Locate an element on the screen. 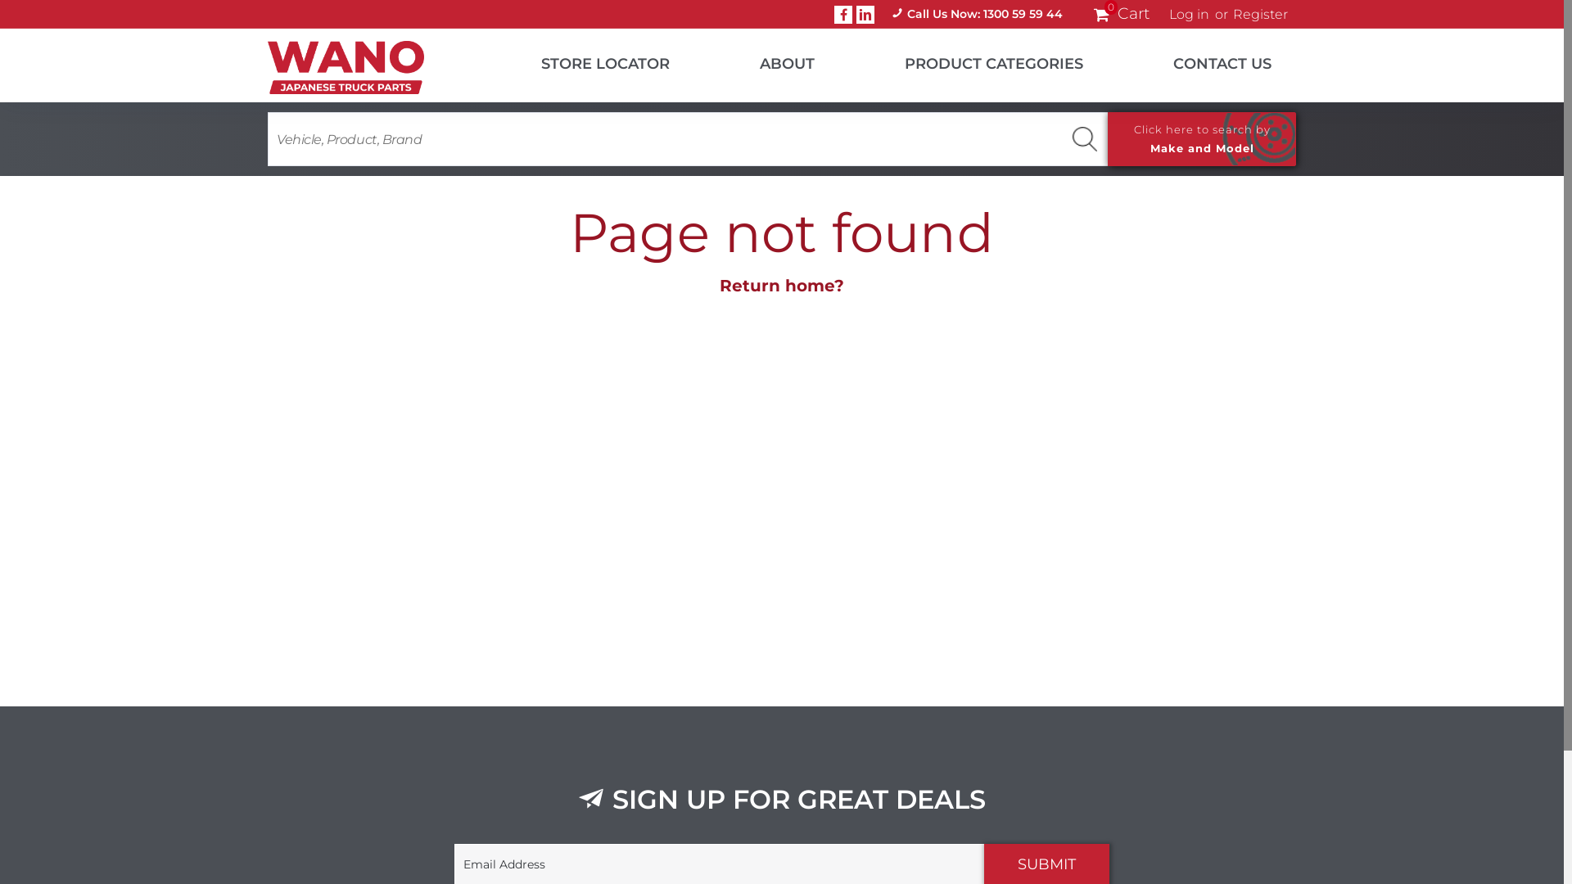  'Click here to search by is located at coordinates (1202, 138).